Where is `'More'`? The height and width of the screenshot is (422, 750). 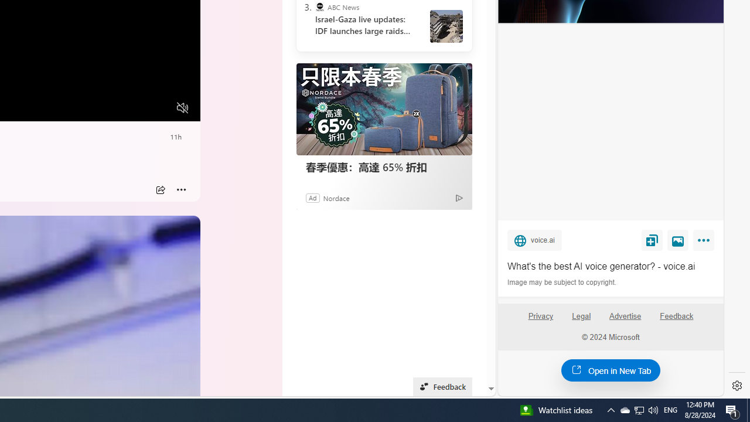
'More' is located at coordinates (705, 241).